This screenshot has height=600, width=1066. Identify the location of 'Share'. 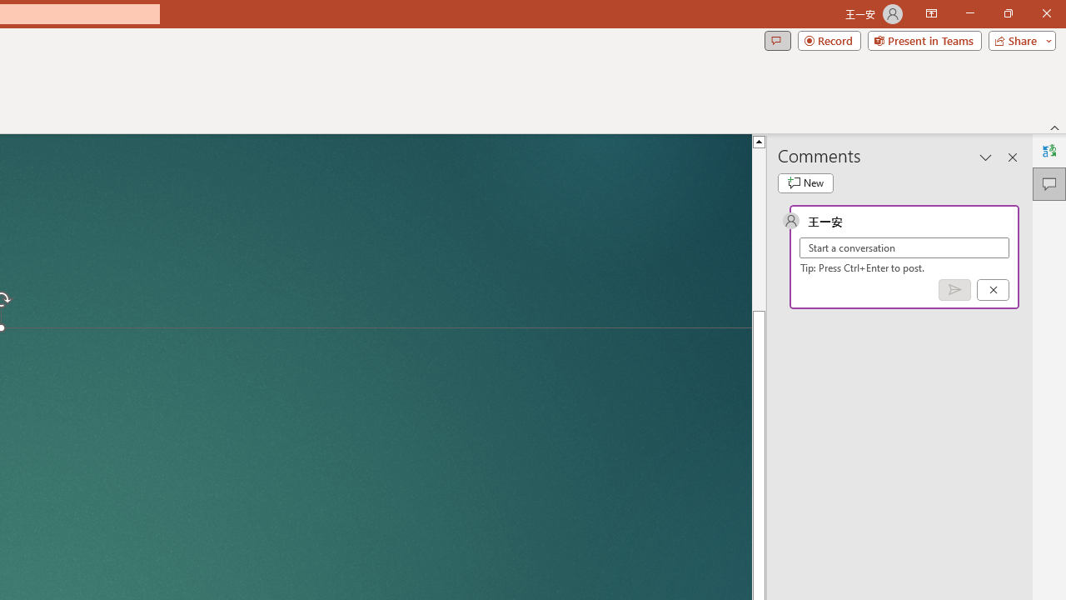
(1022, 69).